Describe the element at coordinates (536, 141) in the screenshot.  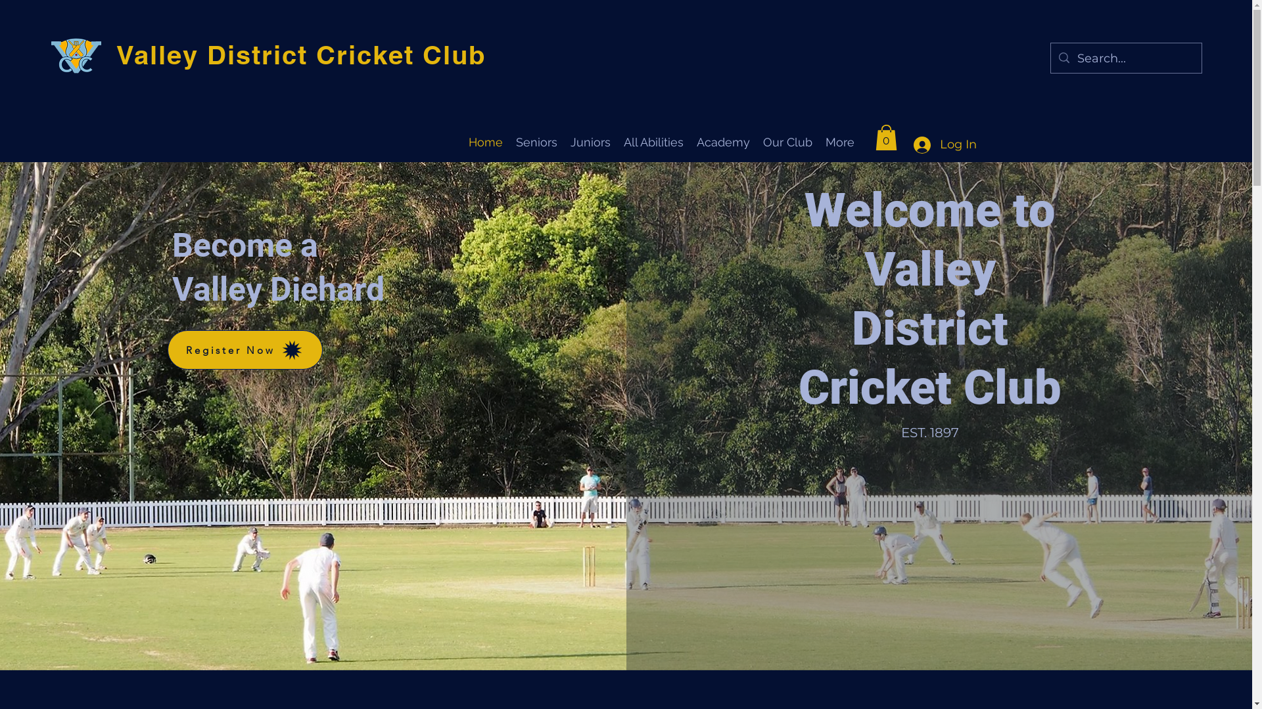
I see `'Seniors'` at that location.